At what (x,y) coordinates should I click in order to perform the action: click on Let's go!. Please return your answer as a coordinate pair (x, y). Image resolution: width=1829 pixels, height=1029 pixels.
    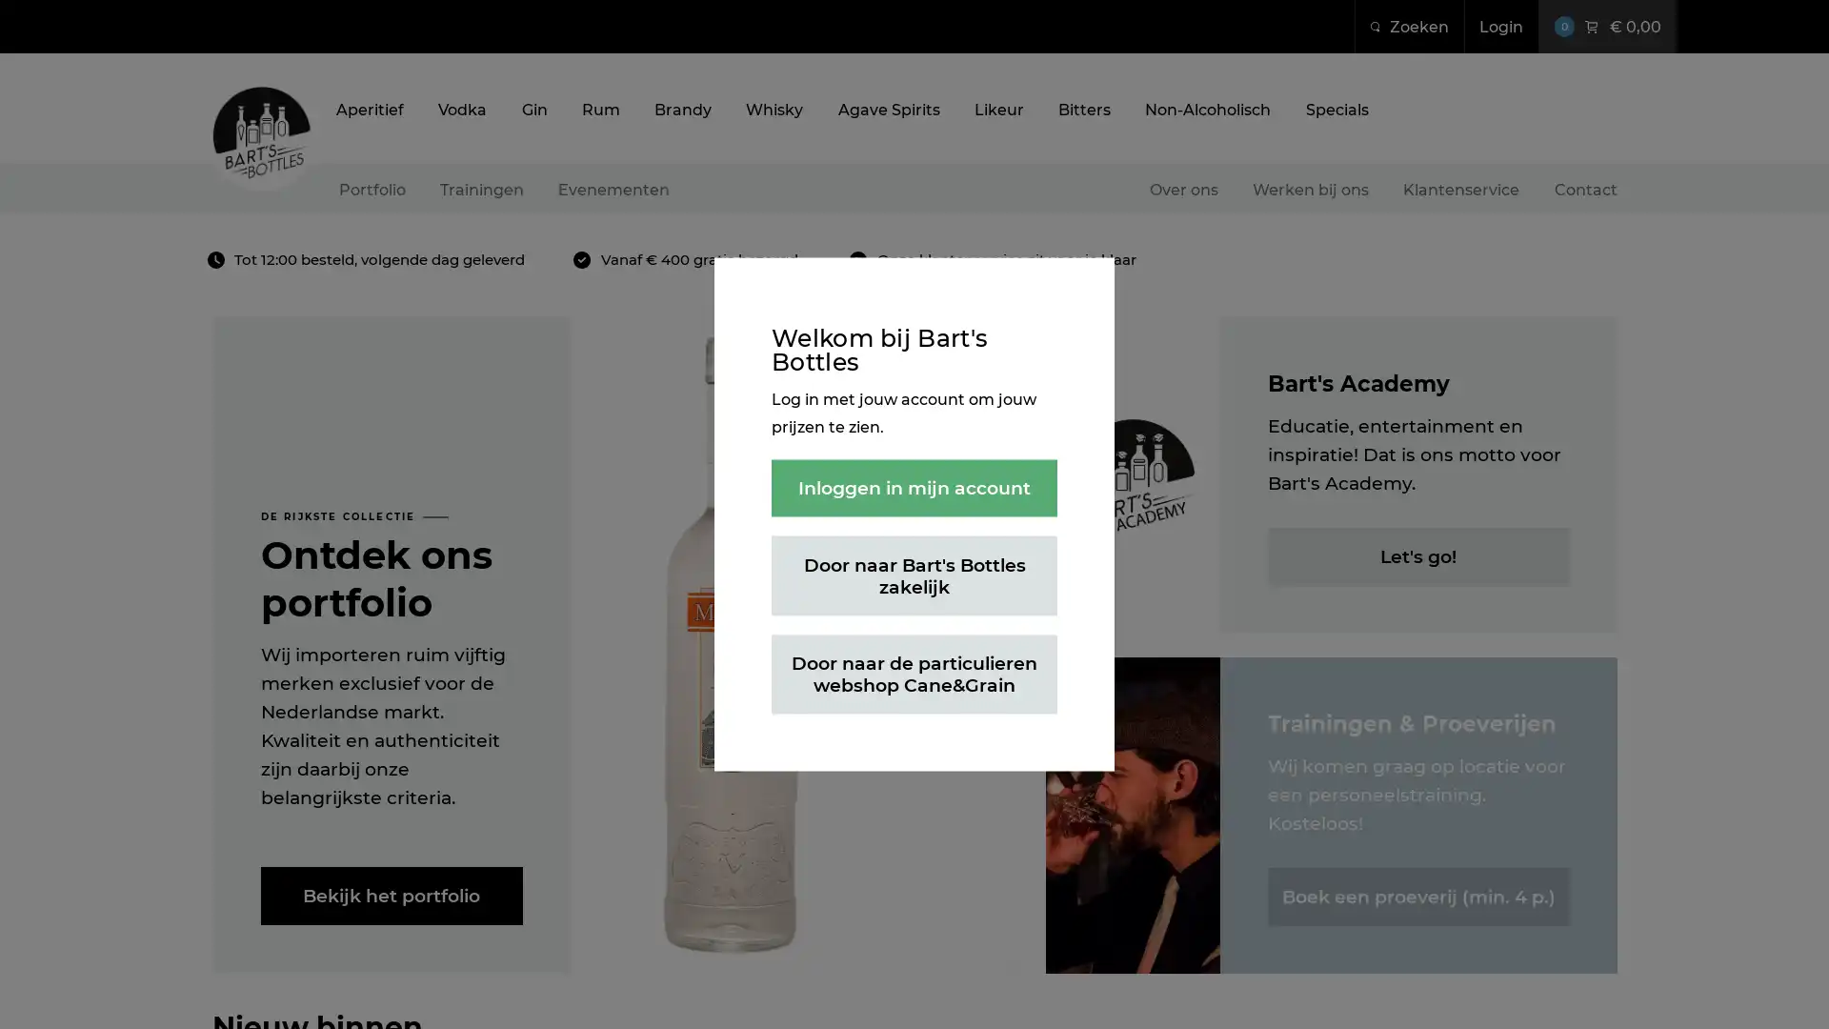
    Looking at the image, I should click on (1417, 555).